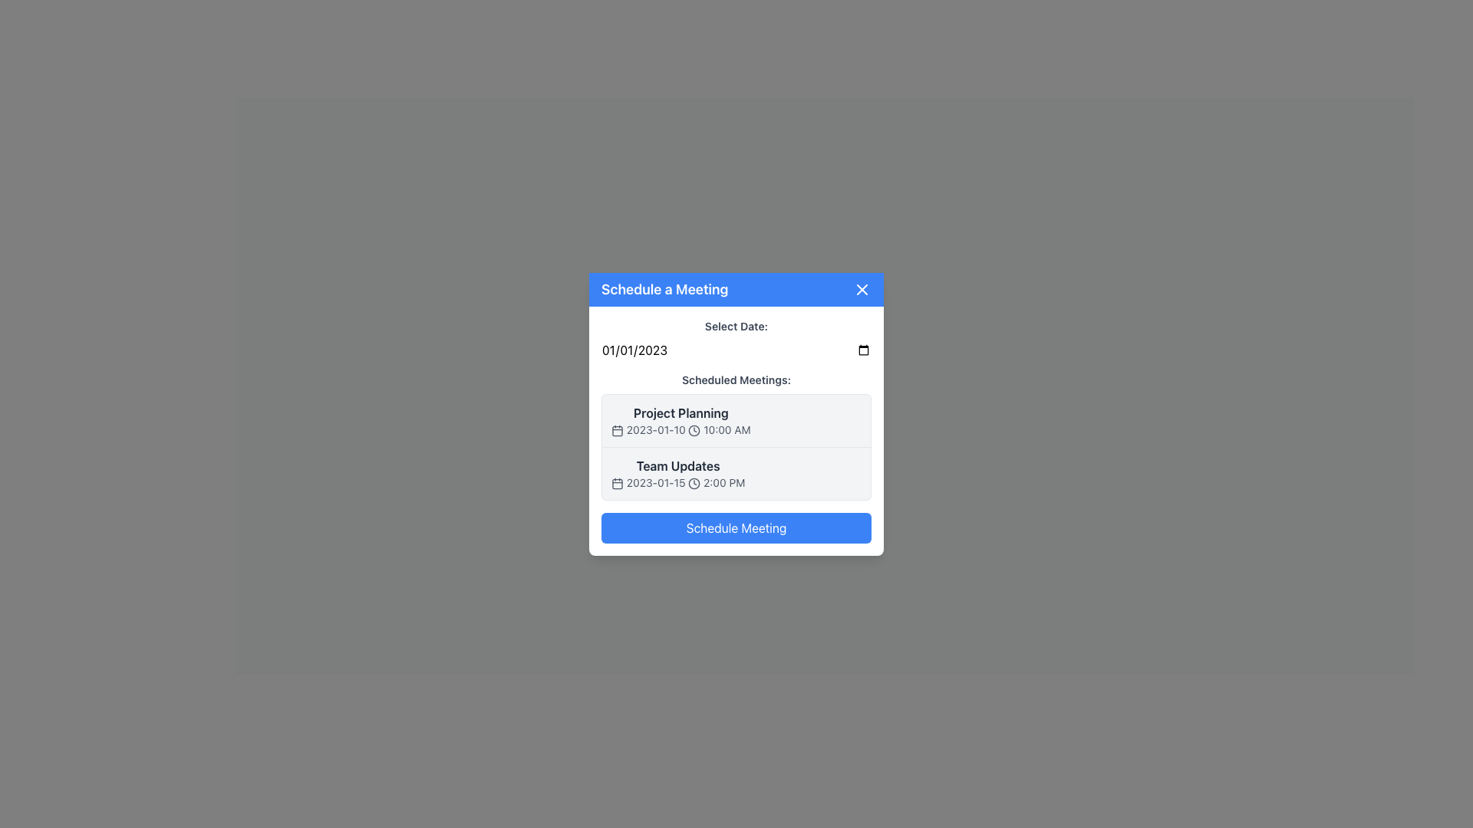  What do you see at coordinates (694, 430) in the screenshot?
I see `properties of the clock icon located next to '10:00 AM' in the 'Project Planning' row under 'Scheduled Meetings'` at bounding box center [694, 430].